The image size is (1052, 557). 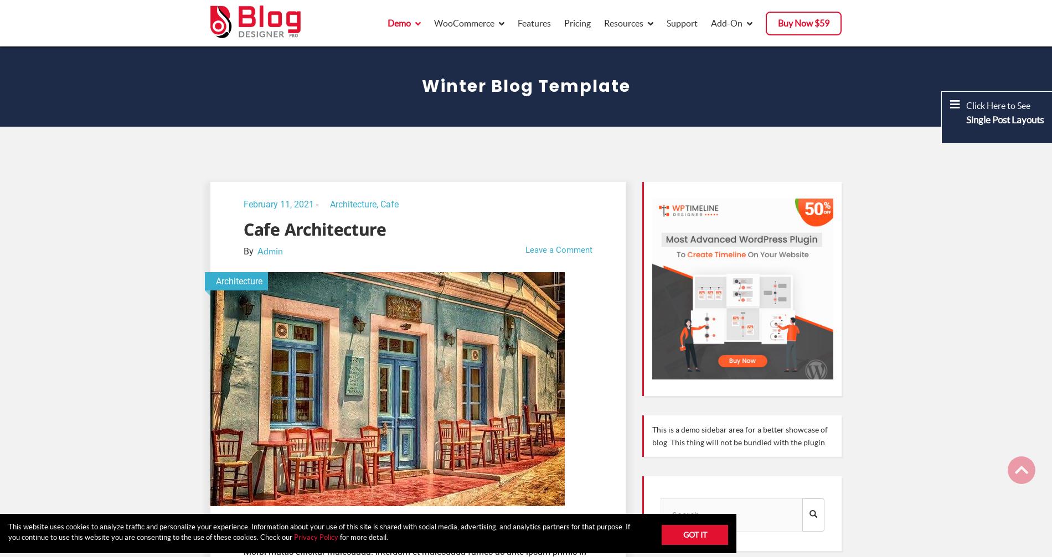 What do you see at coordinates (319, 531) in the screenshot?
I see `'This website uses cookies to analyze traffic and personalize your experience. Information about your use of this site is shared with social media, advertising, and analytics partners for that purpose. If you continue to use this website you are consenting to the use of these cookies. Check our'` at bounding box center [319, 531].